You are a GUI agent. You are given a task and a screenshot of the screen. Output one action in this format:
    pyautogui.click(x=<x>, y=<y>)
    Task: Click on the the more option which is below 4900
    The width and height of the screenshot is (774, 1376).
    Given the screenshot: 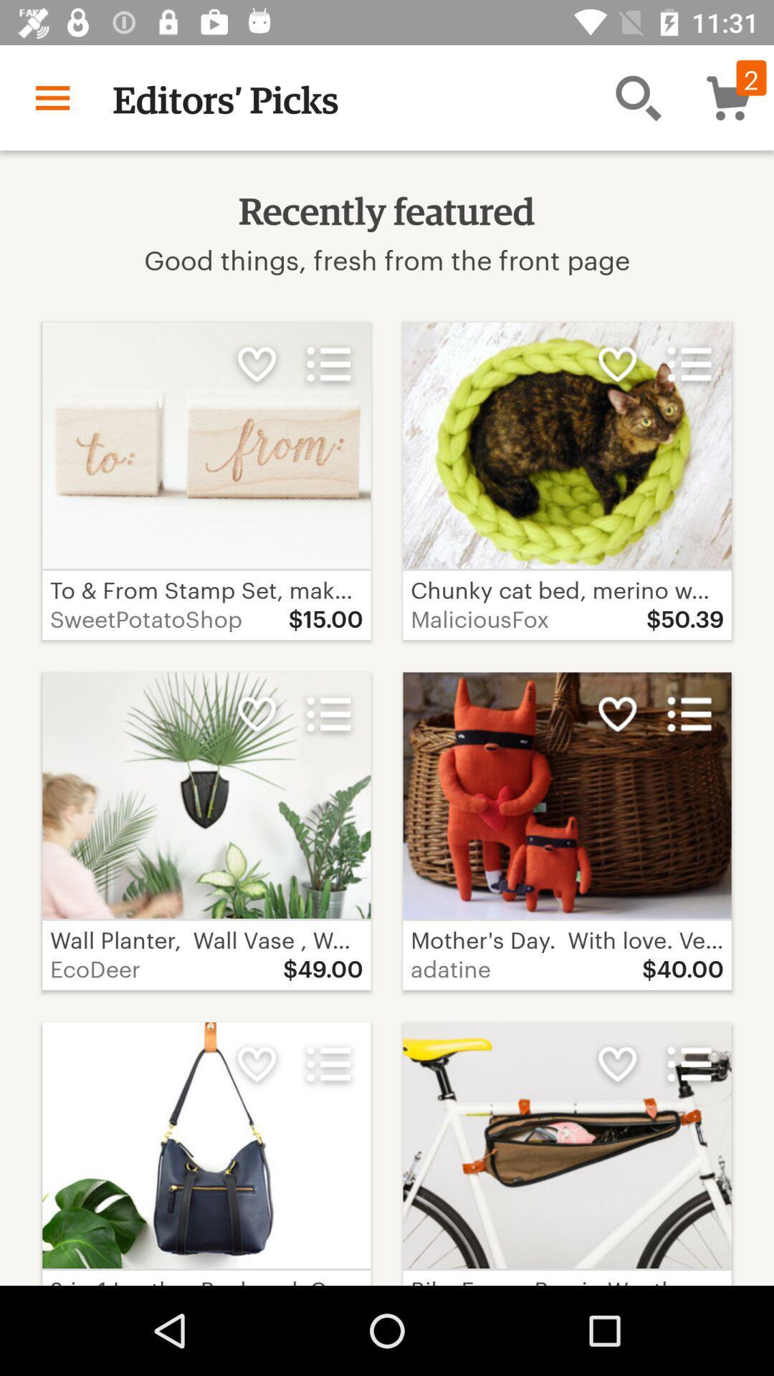 What is the action you would take?
    pyautogui.click(x=329, y=1064)
    